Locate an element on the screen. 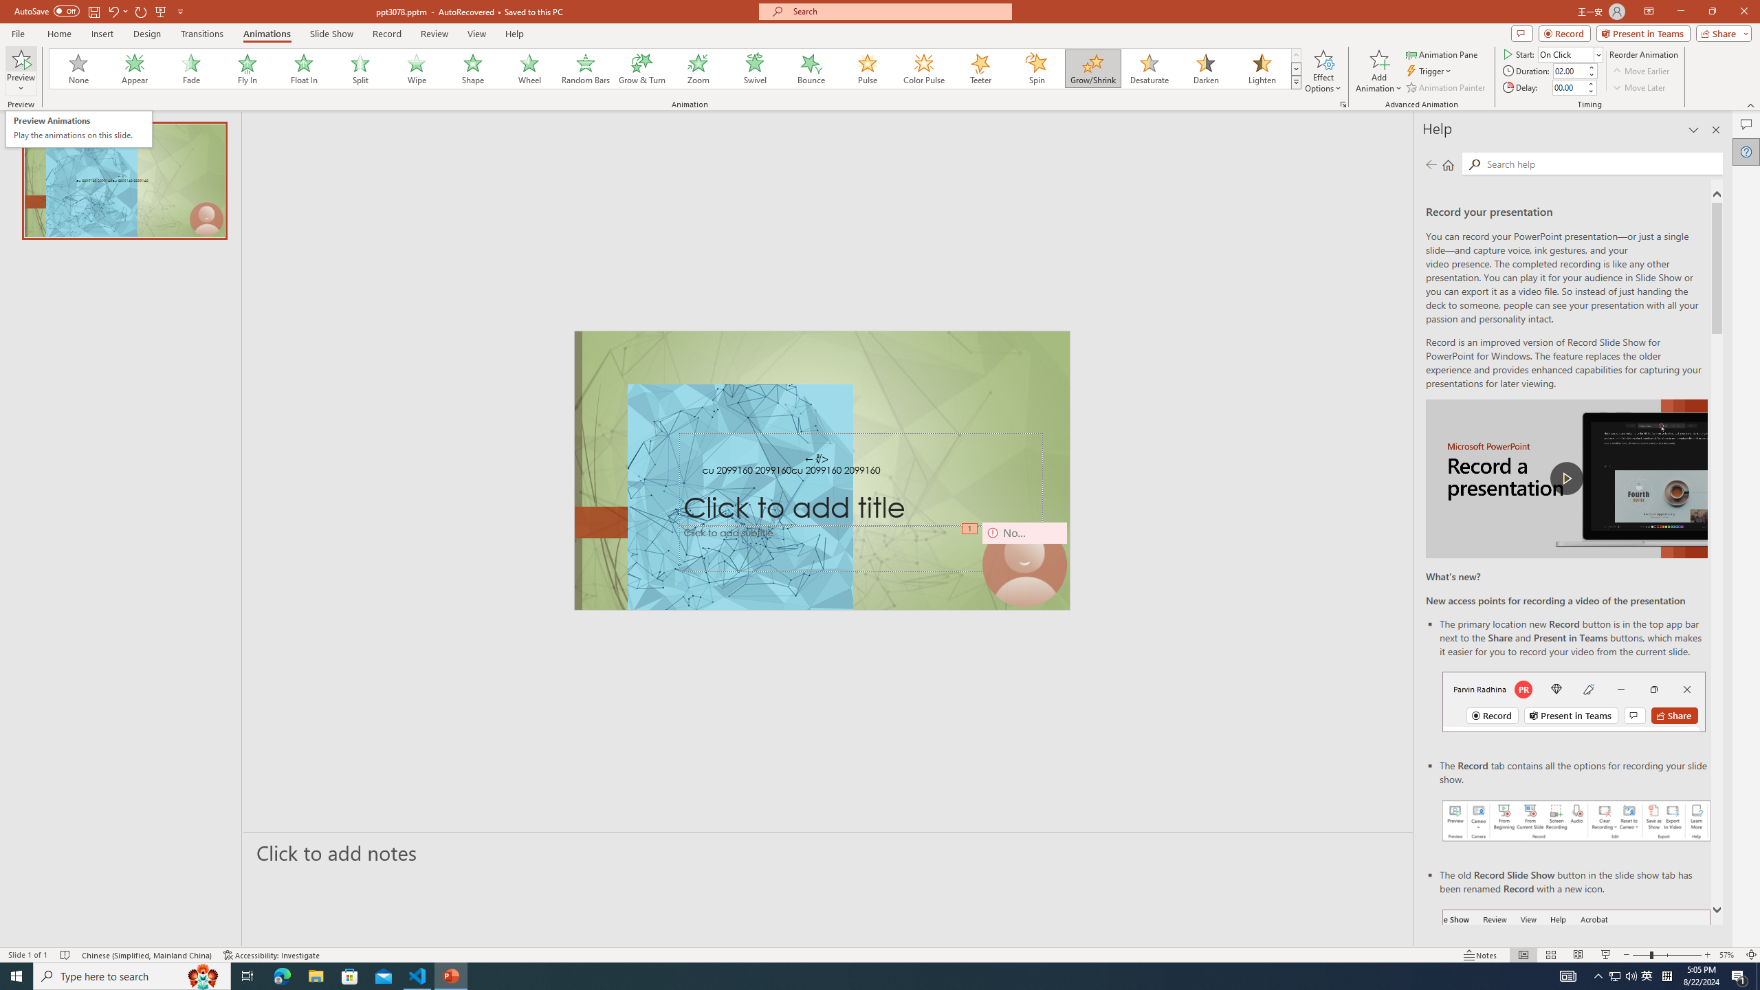 The height and width of the screenshot is (990, 1760). 'Animation Delay' is located at coordinates (1567, 87).